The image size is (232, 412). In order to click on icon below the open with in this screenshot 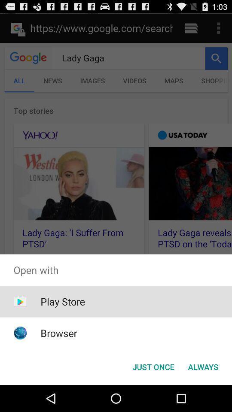, I will do `click(153, 366)`.